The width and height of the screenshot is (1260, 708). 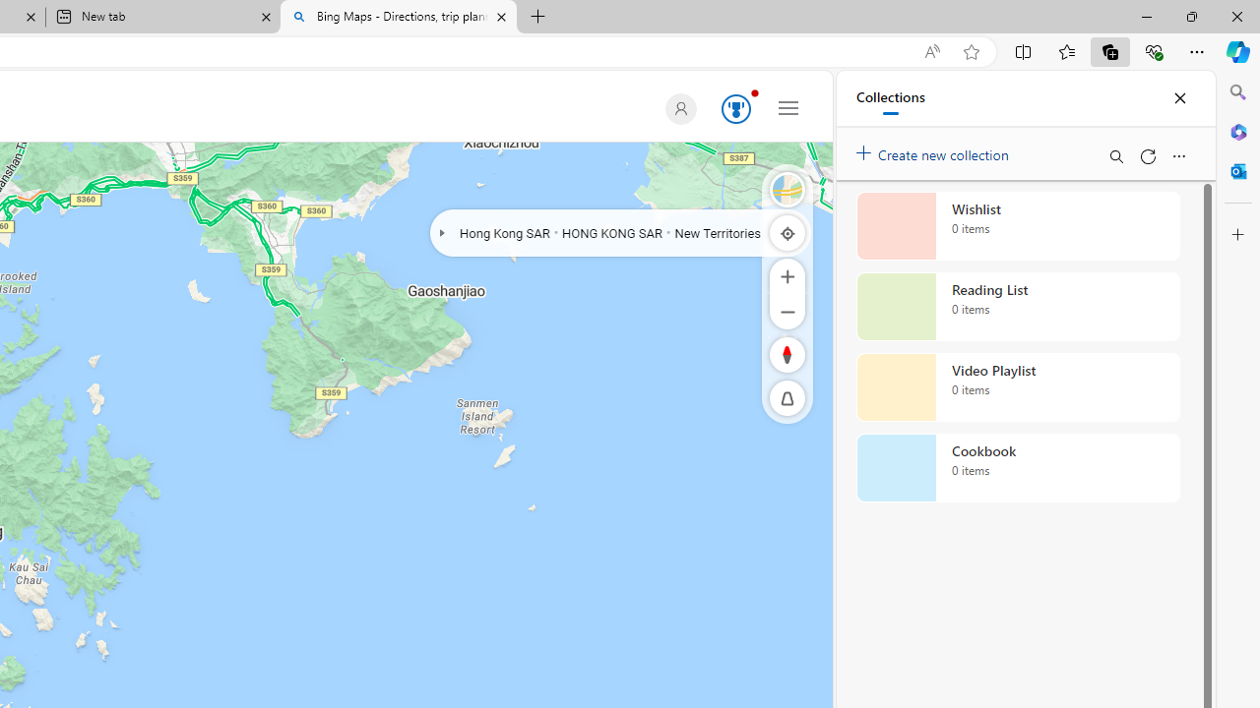 I want to click on 'Zoom In', so click(x=787, y=275).